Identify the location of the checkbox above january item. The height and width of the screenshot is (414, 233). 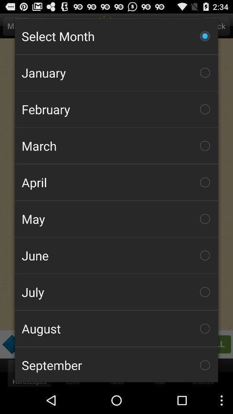
(116, 36).